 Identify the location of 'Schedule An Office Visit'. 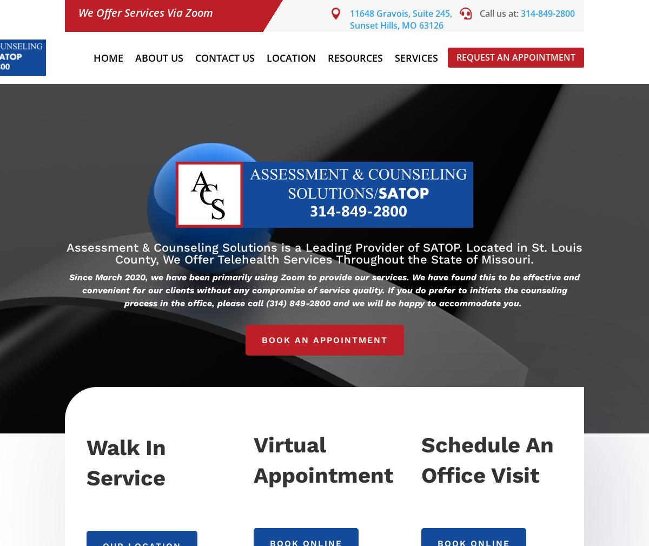
(487, 459).